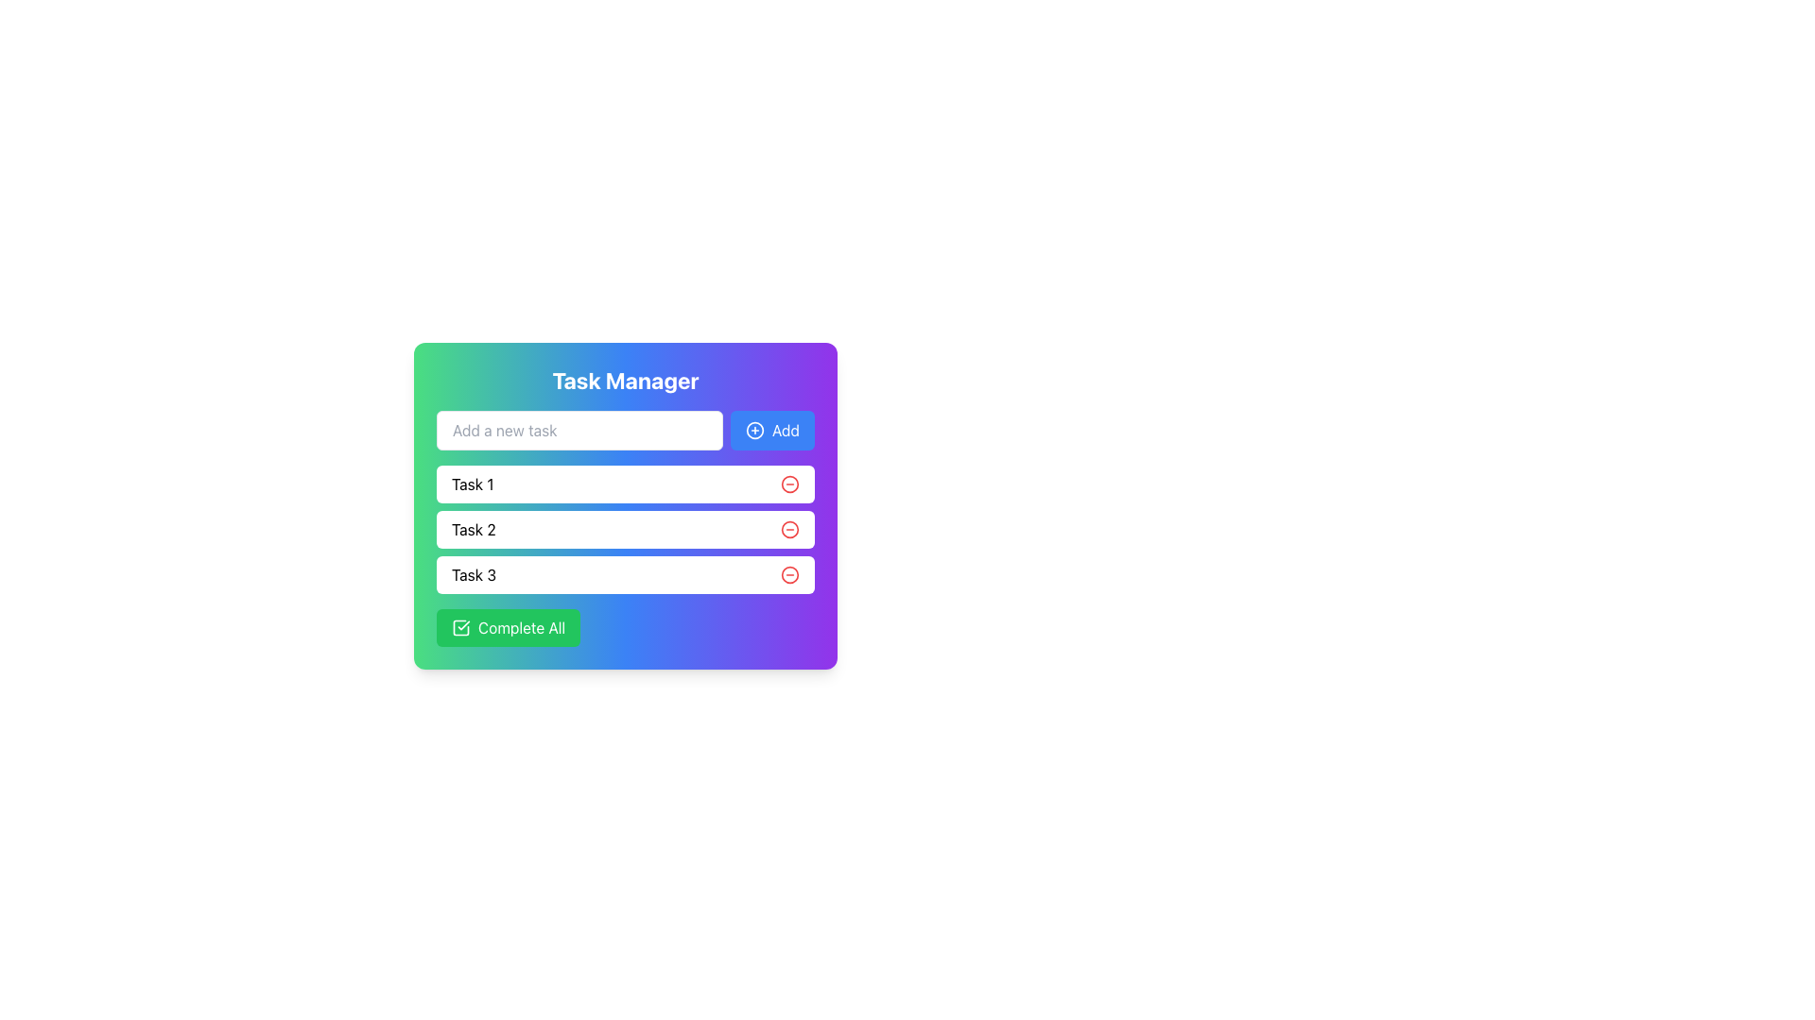 The height and width of the screenshot is (1020, 1815). Describe the element at coordinates (789, 529) in the screenshot. I see `the circular red button with a minus symbol located at the right end of the task entry labeled 'Task 2'` at that location.